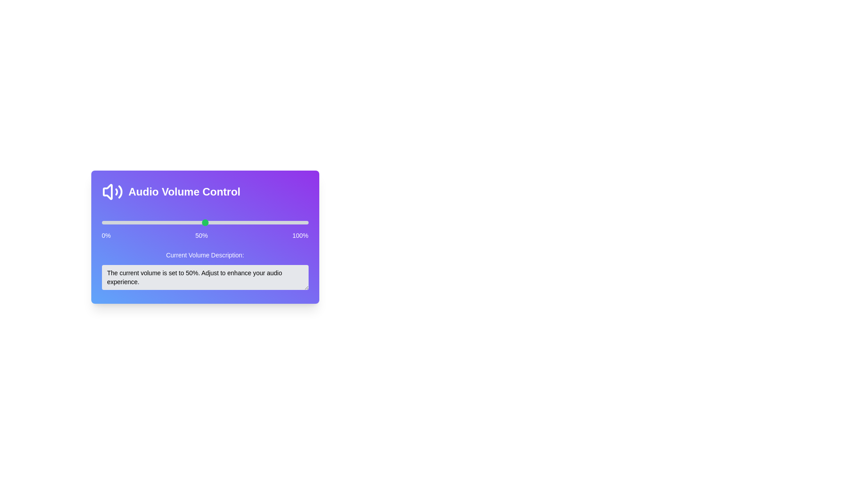  Describe the element at coordinates (149, 222) in the screenshot. I see `the volume slider to 23%` at that location.